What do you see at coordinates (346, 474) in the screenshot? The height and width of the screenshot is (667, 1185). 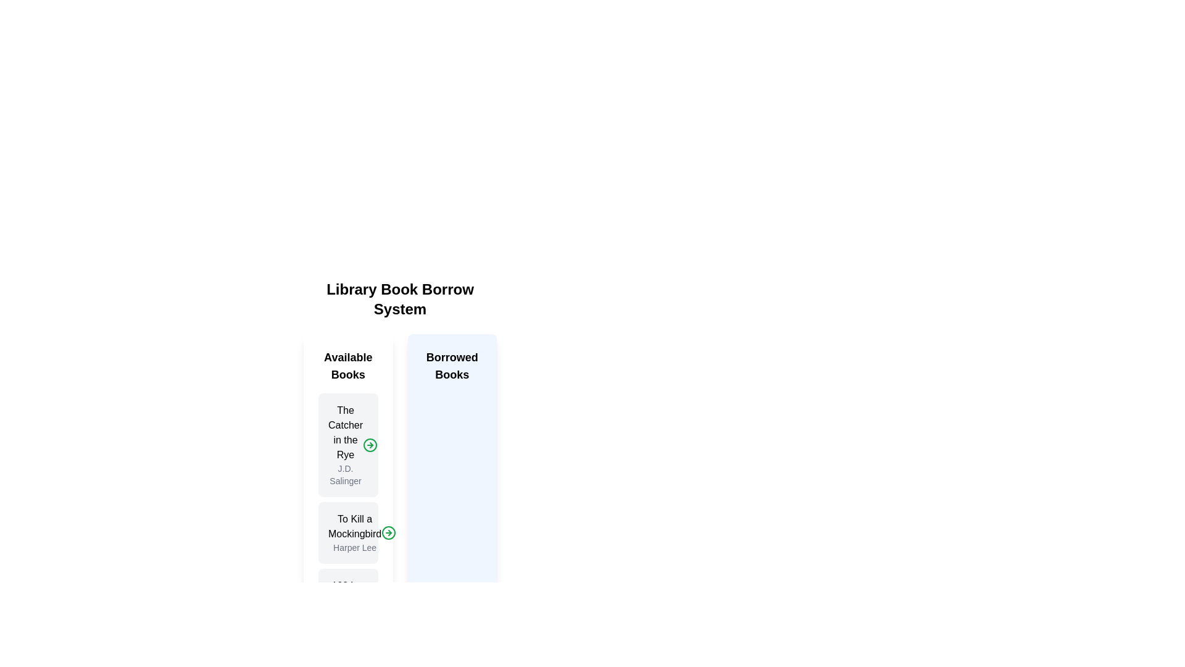 I see `the text label displaying 'J.D. Salinger', which is located immediately below the title 'The Catcher in the Rye' in a vertical layout of book details` at bounding box center [346, 474].